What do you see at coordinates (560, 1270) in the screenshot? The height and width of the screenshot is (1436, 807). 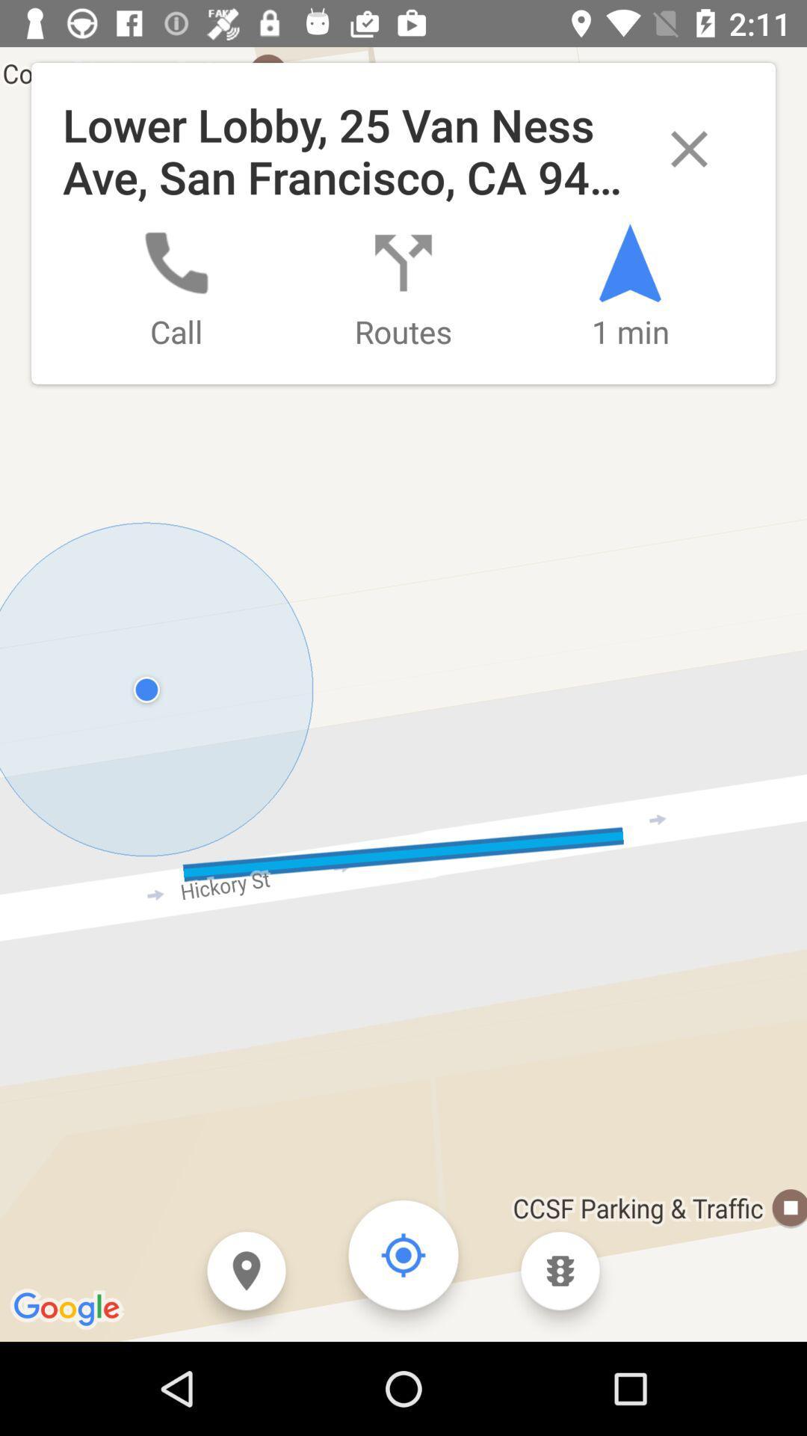 I see `the traffic nearby icon` at bounding box center [560, 1270].